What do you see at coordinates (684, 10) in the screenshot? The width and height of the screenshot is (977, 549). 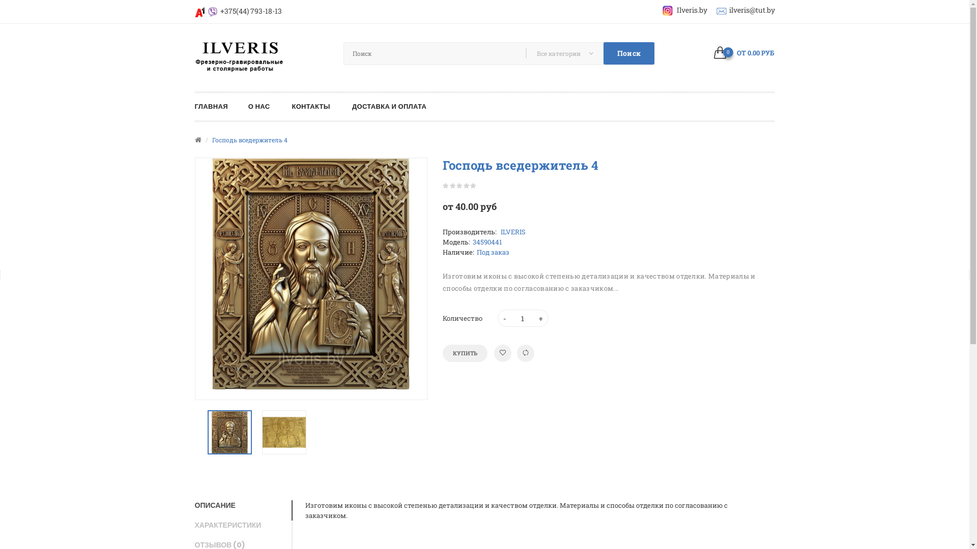 I see `'Ilveris.by'` at bounding box center [684, 10].